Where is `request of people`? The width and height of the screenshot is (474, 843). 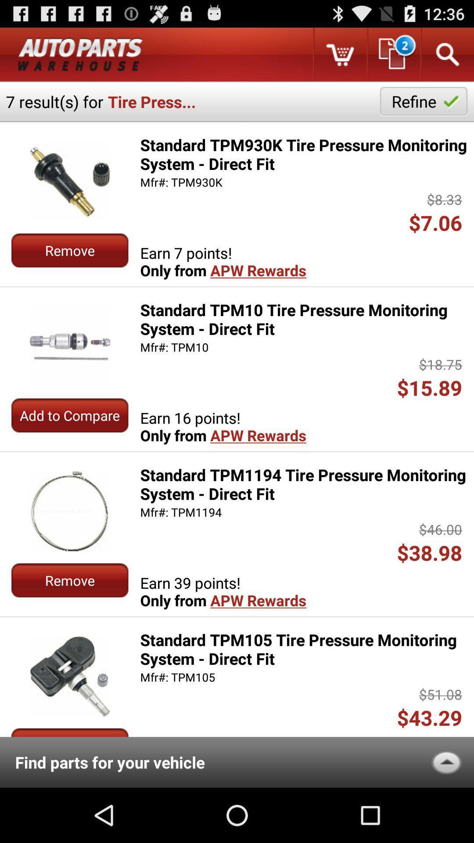
request of people is located at coordinates (393, 54).